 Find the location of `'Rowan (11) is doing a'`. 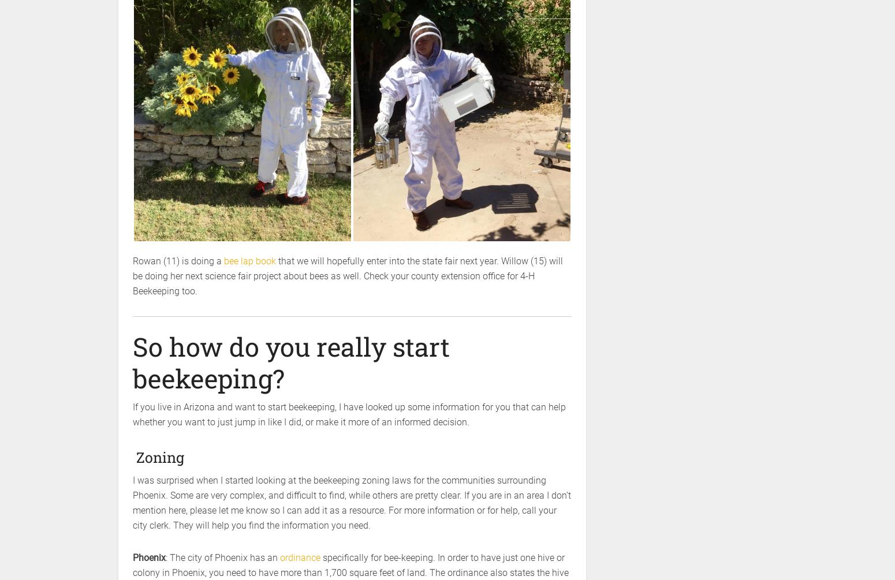

'Rowan (11) is doing a' is located at coordinates (132, 261).